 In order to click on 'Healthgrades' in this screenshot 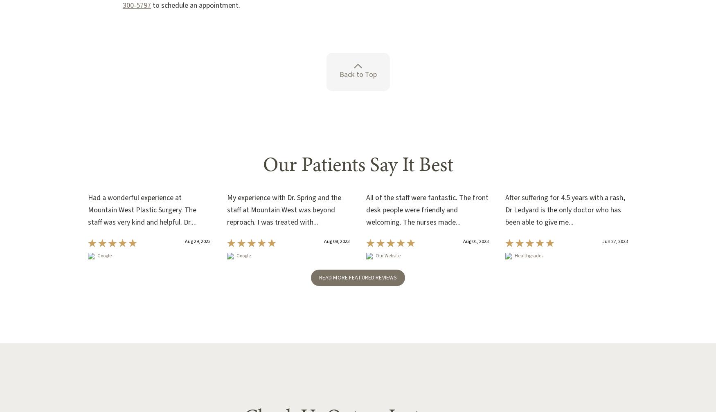, I will do `click(529, 255)`.